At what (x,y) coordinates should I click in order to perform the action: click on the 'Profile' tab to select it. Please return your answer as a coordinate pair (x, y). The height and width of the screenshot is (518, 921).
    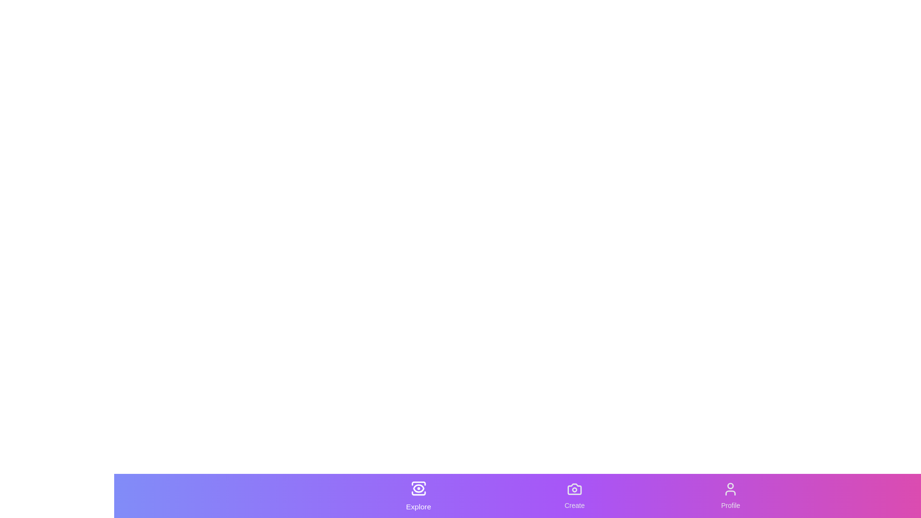
    Looking at the image, I should click on (730, 495).